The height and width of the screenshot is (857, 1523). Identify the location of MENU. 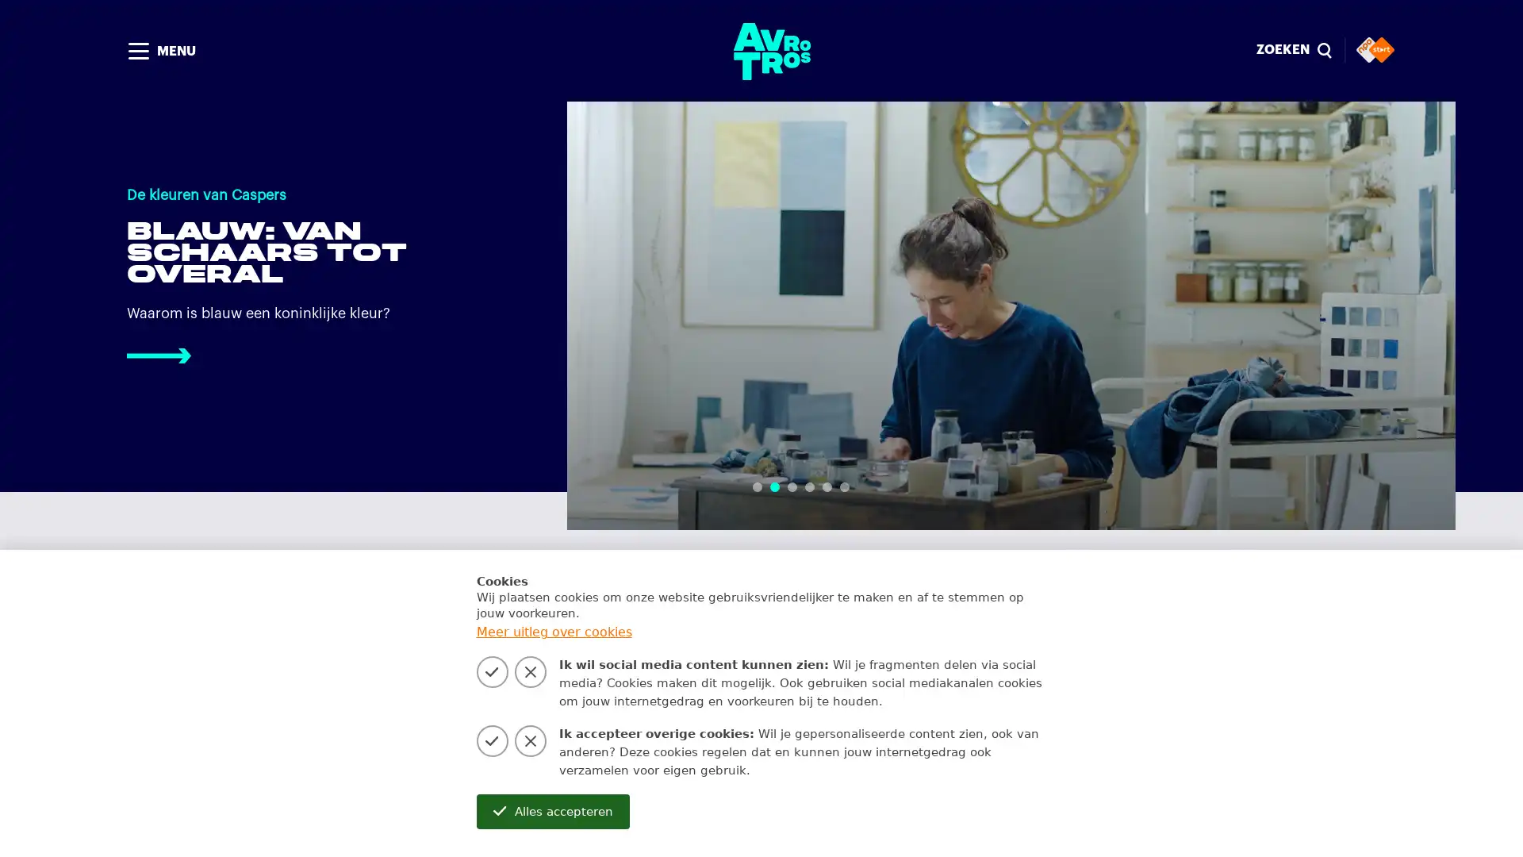
(160, 50).